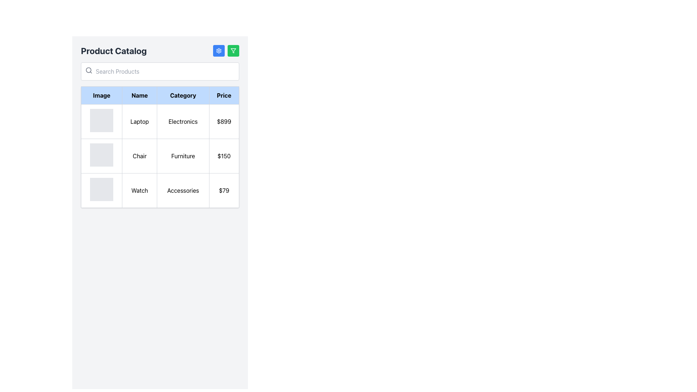 Image resolution: width=697 pixels, height=392 pixels. Describe the element at coordinates (233, 50) in the screenshot. I see `the green square button with a white funnel-shaped icon located in the toolbar area above the data table to apply a filter` at that location.